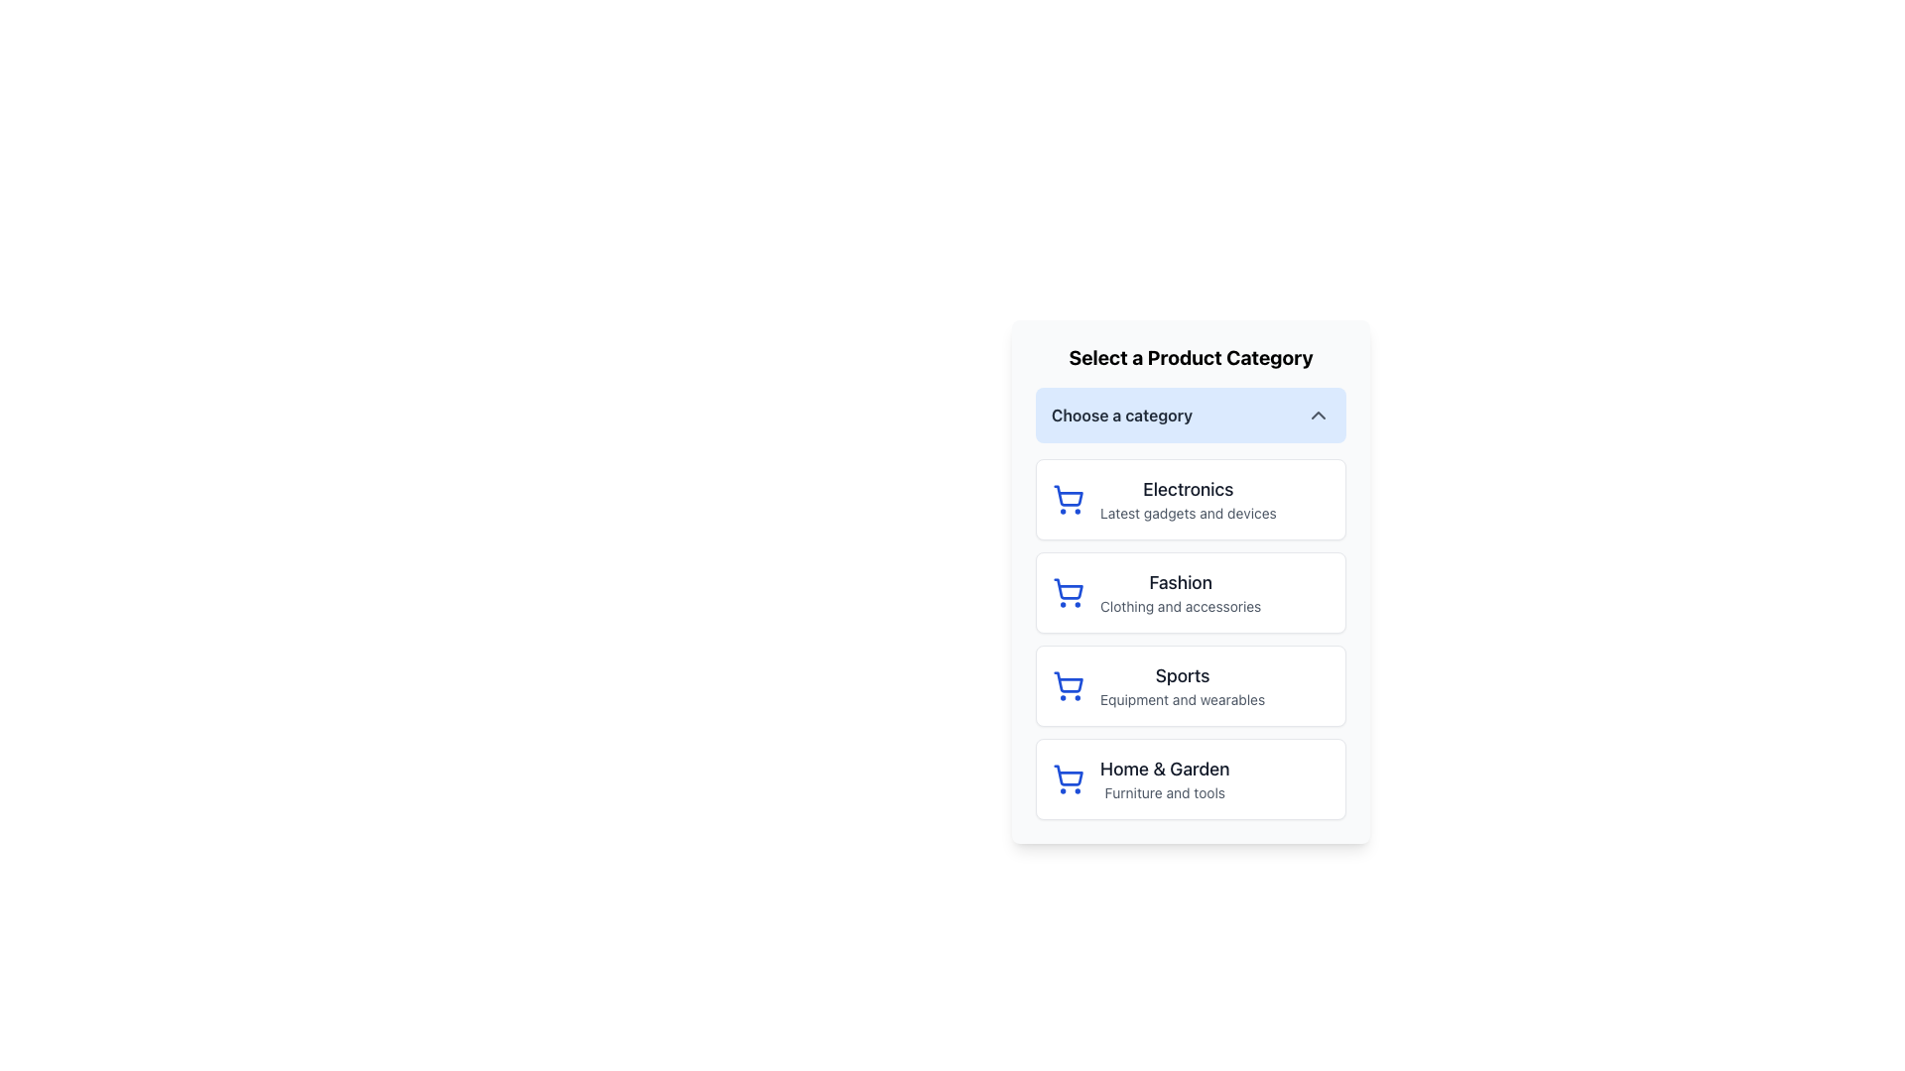 The height and width of the screenshot is (1071, 1905). What do you see at coordinates (1188, 499) in the screenshot?
I see `the 'Electronics' category label, which is the first card in the list located in the panel labeled 'Select a Product Category', positioned to the right of a blue shopping cart icon` at bounding box center [1188, 499].